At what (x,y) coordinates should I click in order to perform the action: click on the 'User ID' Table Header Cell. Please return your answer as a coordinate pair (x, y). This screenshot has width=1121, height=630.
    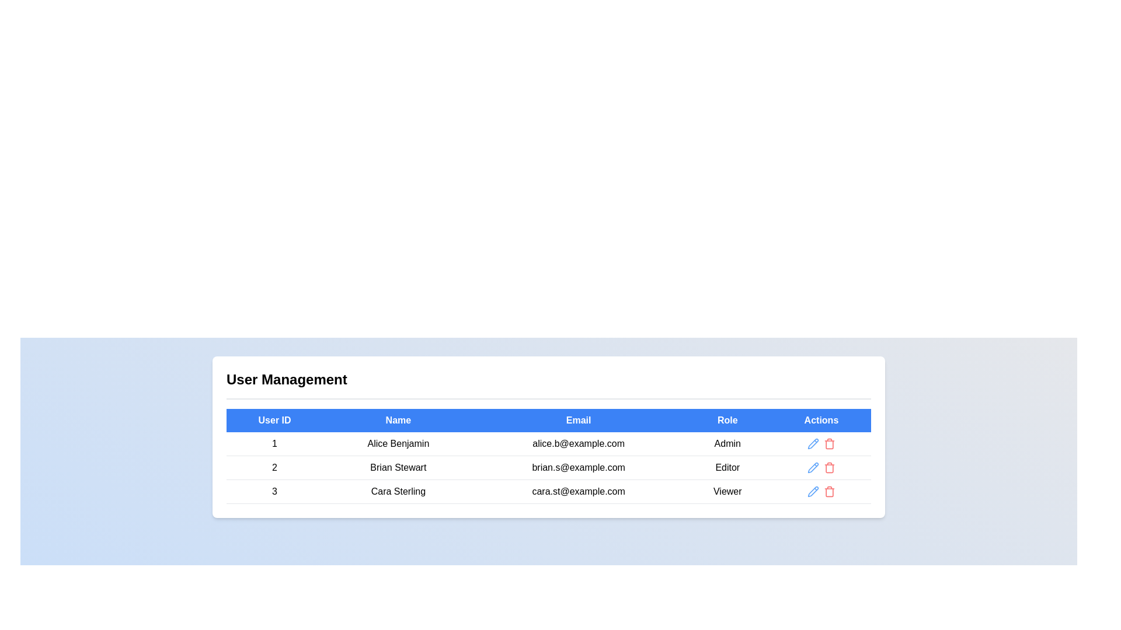
    Looking at the image, I should click on (274, 421).